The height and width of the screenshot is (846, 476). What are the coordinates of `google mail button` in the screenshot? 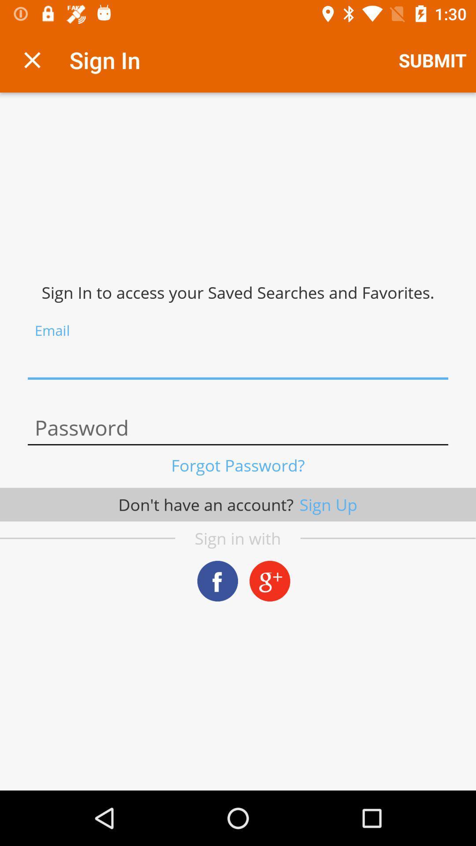 It's located at (269, 581).